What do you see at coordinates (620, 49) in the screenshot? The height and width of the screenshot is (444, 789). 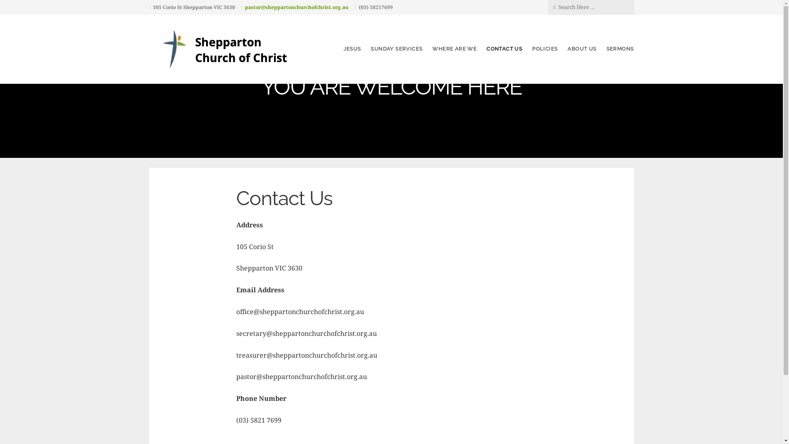 I see `'SERMONS'` at bounding box center [620, 49].